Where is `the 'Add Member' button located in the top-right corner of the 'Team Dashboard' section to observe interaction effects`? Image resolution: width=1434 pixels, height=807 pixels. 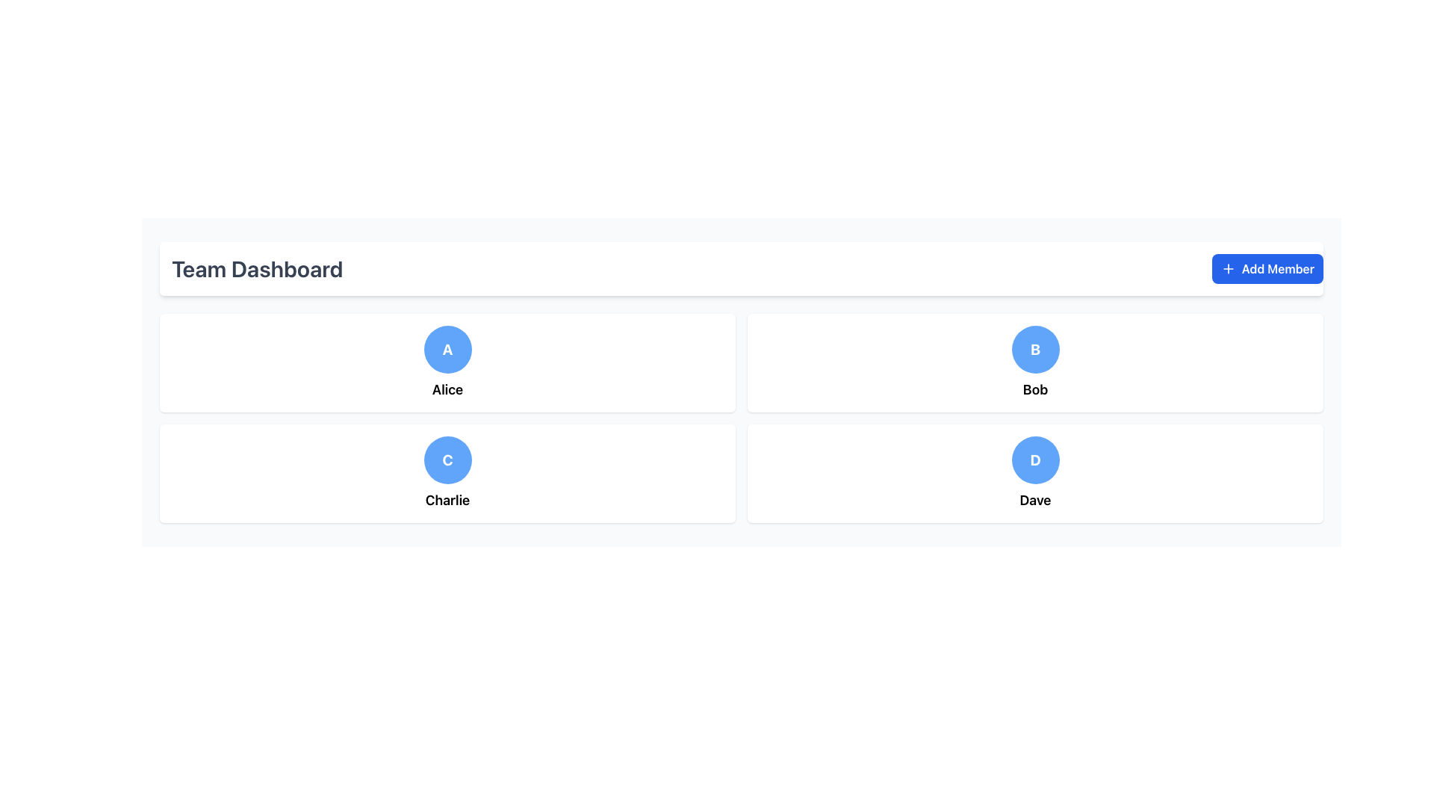 the 'Add Member' button located in the top-right corner of the 'Team Dashboard' section to observe interaction effects is located at coordinates (1267, 268).